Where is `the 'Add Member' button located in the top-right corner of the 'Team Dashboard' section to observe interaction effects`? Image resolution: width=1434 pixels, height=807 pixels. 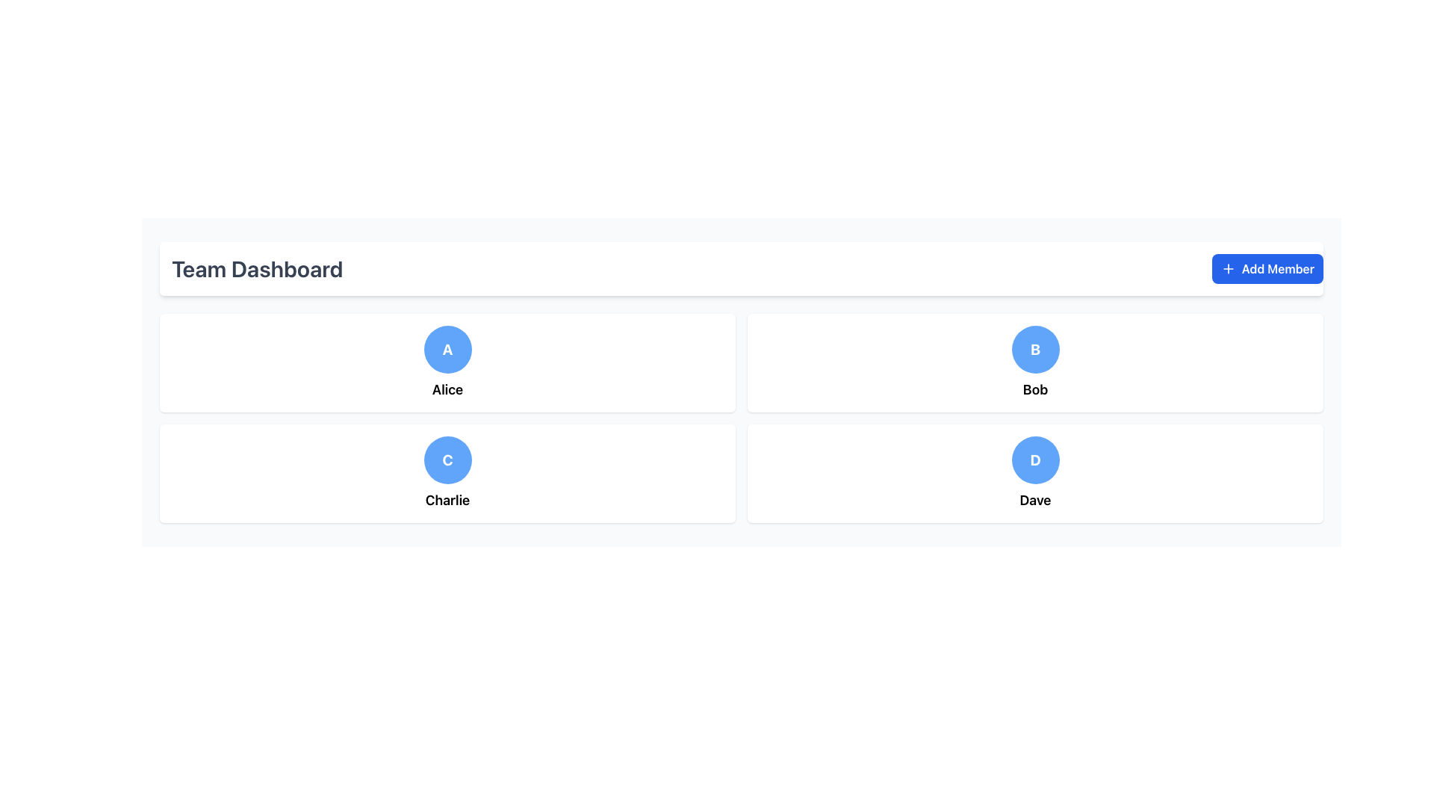 the 'Add Member' button located in the top-right corner of the 'Team Dashboard' section to observe interaction effects is located at coordinates (1267, 268).